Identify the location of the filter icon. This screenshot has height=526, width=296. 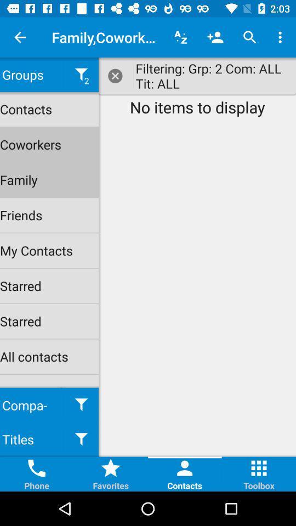
(81, 74).